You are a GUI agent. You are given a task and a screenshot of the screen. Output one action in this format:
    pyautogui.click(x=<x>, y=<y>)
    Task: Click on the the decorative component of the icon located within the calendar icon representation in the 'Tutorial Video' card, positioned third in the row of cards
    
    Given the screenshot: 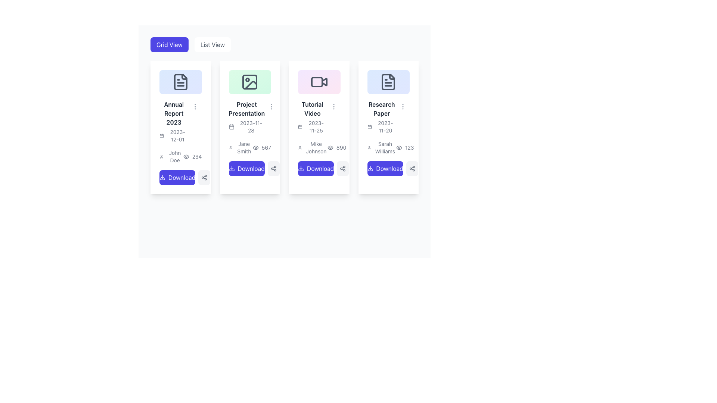 What is the action you would take?
    pyautogui.click(x=300, y=126)
    